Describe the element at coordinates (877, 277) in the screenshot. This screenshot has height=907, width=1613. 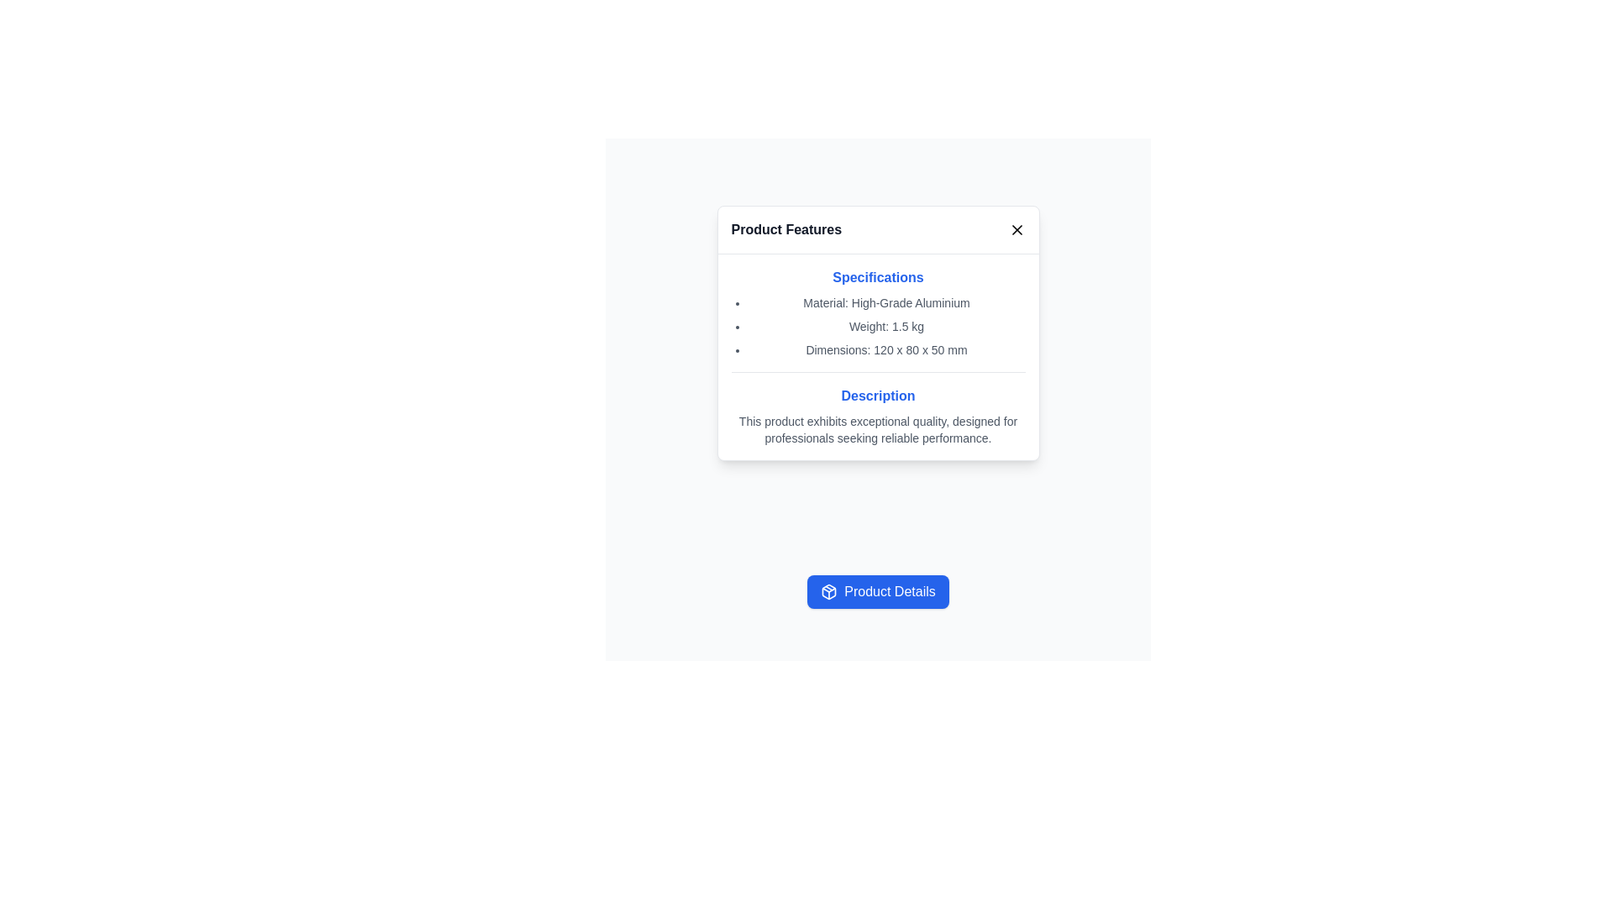
I see `the Text Label indicating the specifications section, which is centrally located in the upper portion of the 'Product Features' card component` at that location.